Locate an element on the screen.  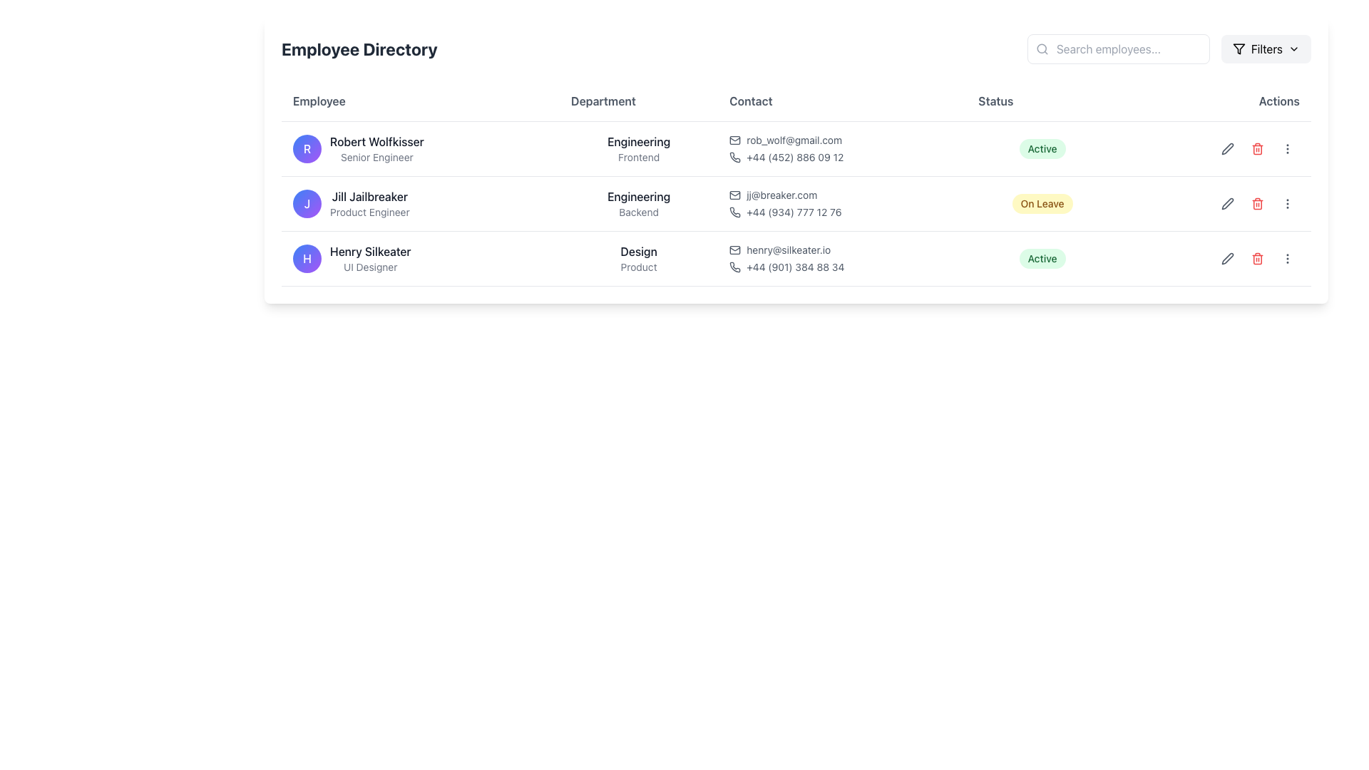
the Text Label displaying the email address for 'Henry Silkeater' in the 'Contact' column of the third row in the data table is located at coordinates (788, 250).